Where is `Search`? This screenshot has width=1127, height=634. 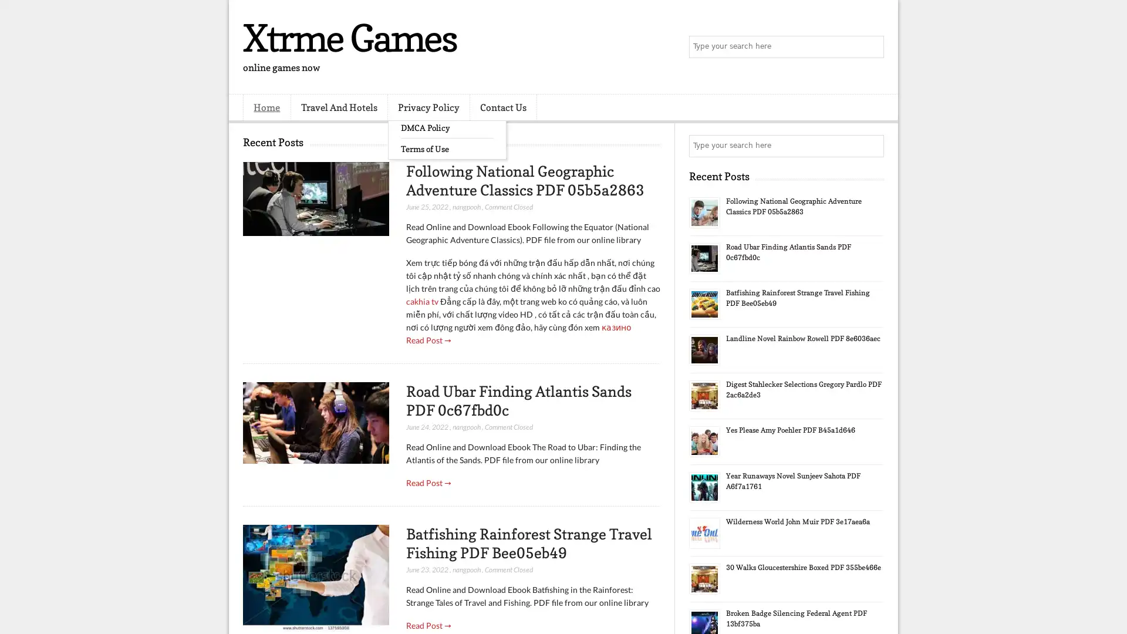 Search is located at coordinates (872, 47).